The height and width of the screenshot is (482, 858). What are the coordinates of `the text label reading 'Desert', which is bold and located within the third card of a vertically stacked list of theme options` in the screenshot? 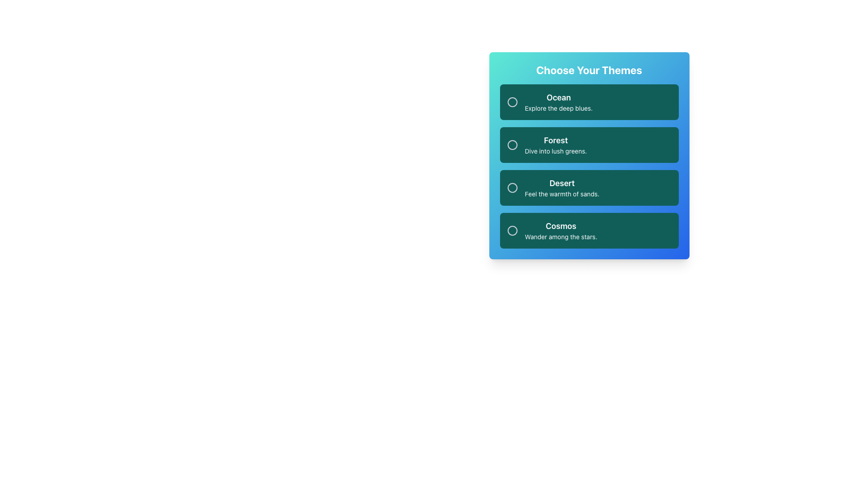 It's located at (561, 183).